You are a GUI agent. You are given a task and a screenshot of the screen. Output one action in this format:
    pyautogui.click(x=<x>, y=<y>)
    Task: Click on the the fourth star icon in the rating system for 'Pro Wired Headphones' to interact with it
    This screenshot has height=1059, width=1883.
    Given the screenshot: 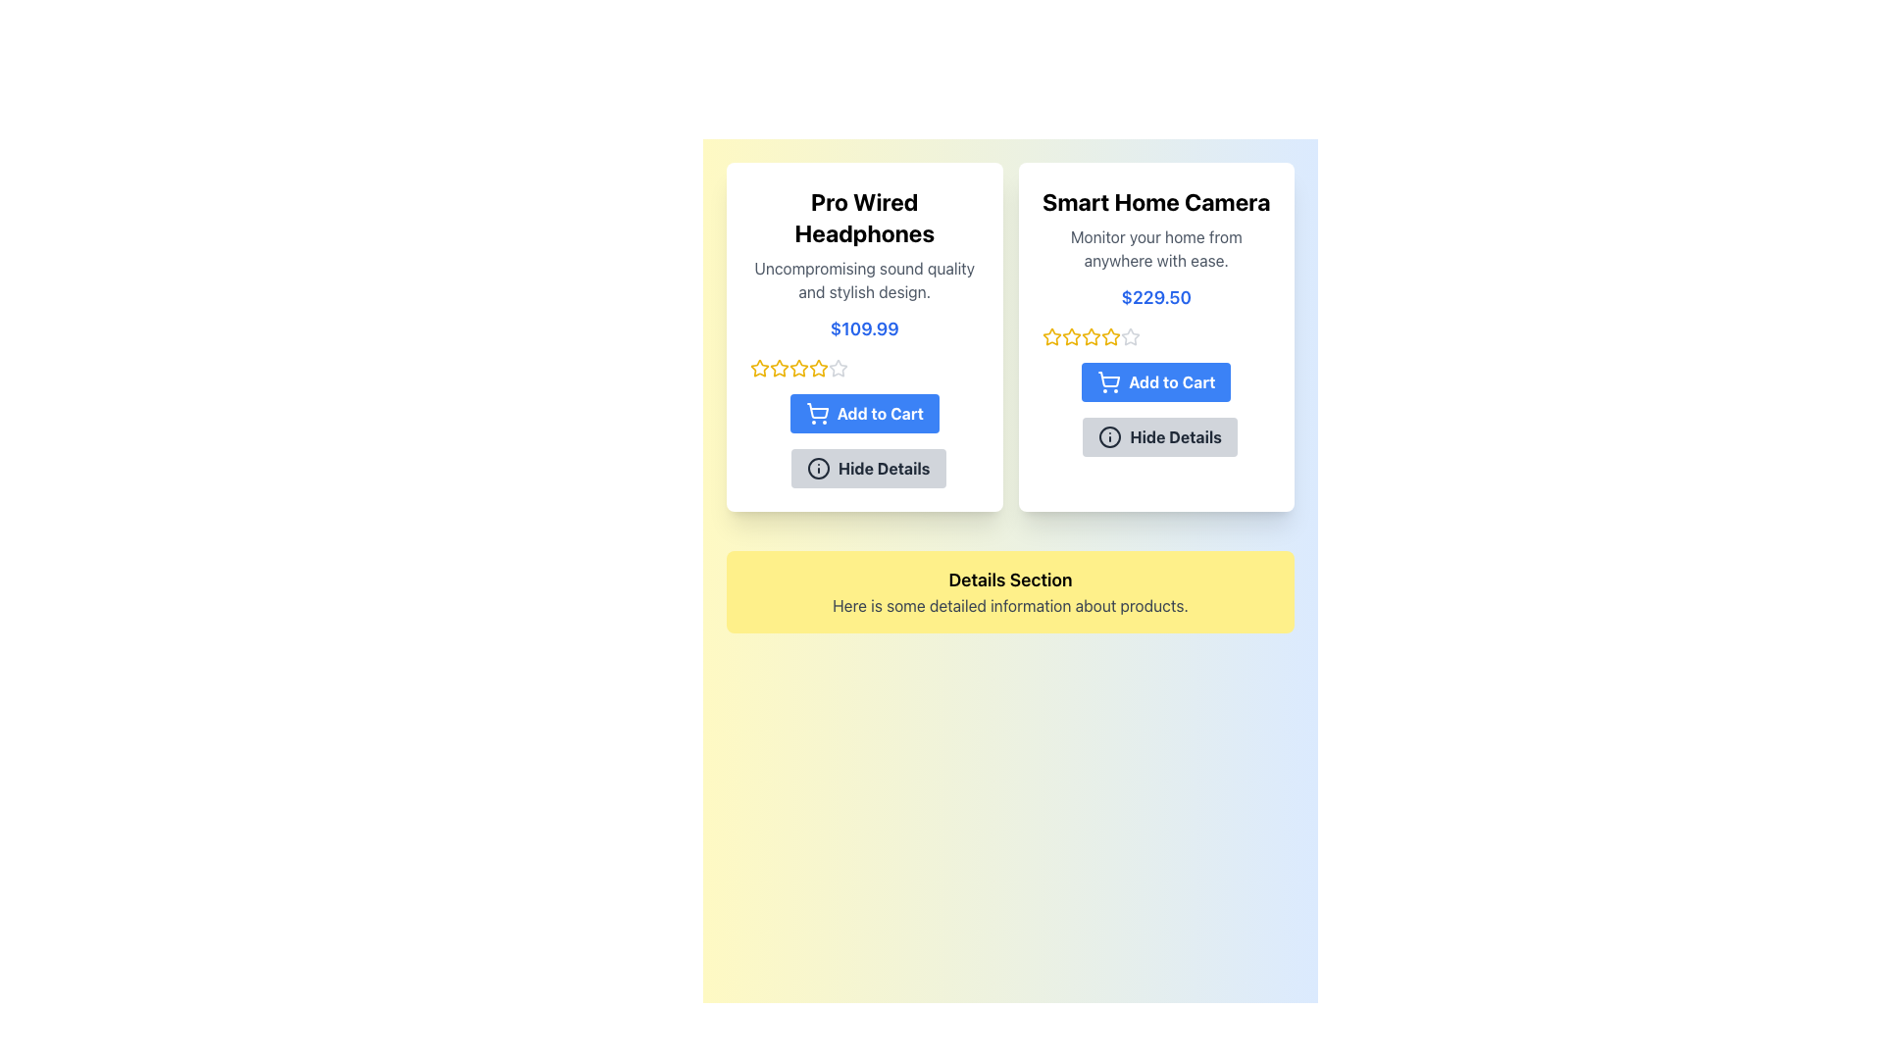 What is the action you would take?
    pyautogui.click(x=819, y=368)
    